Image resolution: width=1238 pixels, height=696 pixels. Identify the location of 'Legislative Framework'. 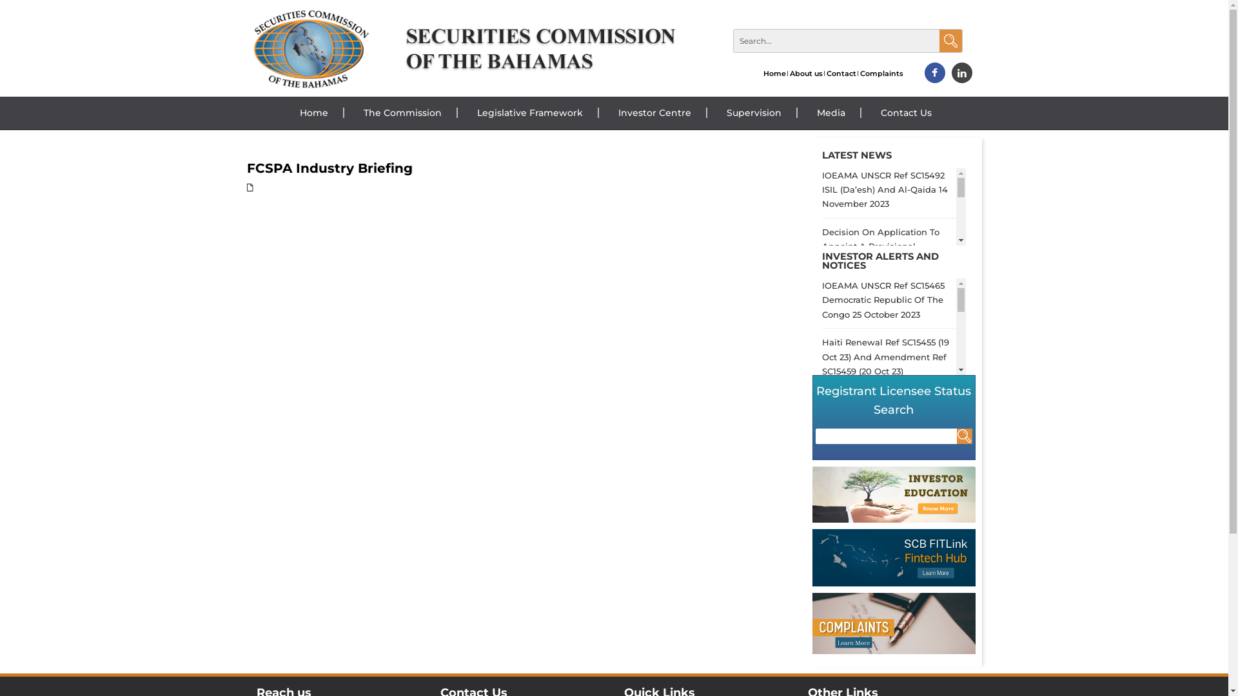
(529, 112).